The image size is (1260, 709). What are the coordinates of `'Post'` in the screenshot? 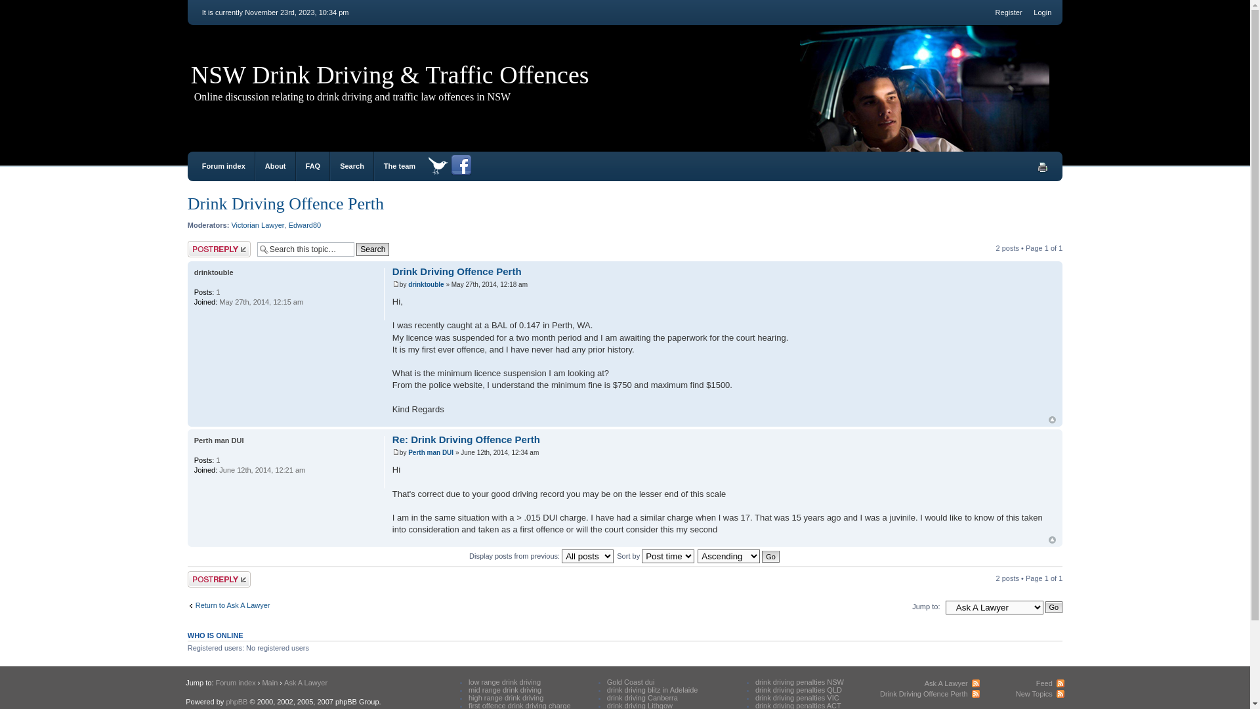 It's located at (395, 451).